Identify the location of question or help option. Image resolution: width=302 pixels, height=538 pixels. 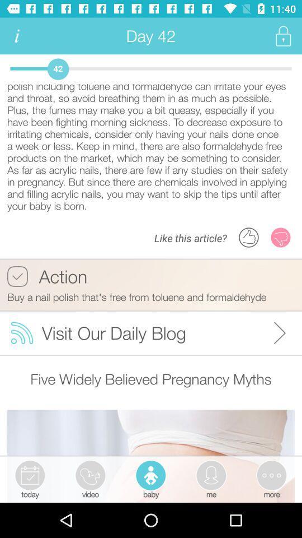
(16, 36).